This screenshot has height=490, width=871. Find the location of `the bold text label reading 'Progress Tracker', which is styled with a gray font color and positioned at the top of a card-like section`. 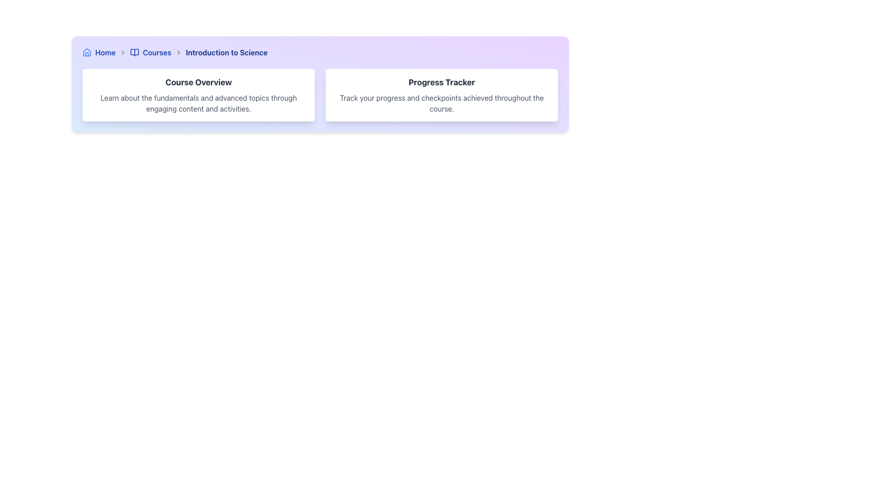

the bold text label reading 'Progress Tracker', which is styled with a gray font color and positioned at the top of a card-like section is located at coordinates (442, 82).